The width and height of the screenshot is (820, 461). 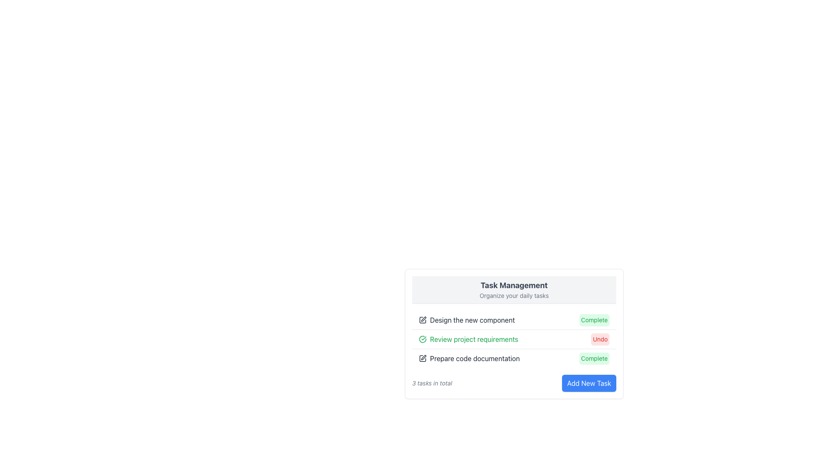 I want to click on the 'Complete' button, which has green text on a light green background and is located to the far-right of the 'Prepare code documentation' task description, to mark the task as complete, so click(x=594, y=359).